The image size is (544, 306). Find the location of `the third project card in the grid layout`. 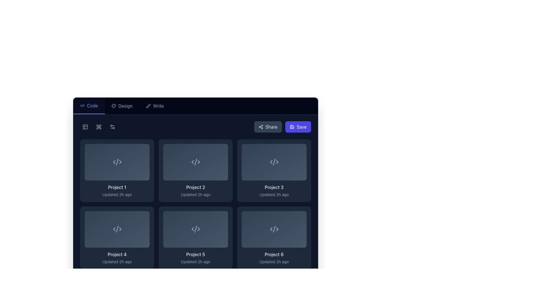

the third project card in the grid layout is located at coordinates (274, 170).